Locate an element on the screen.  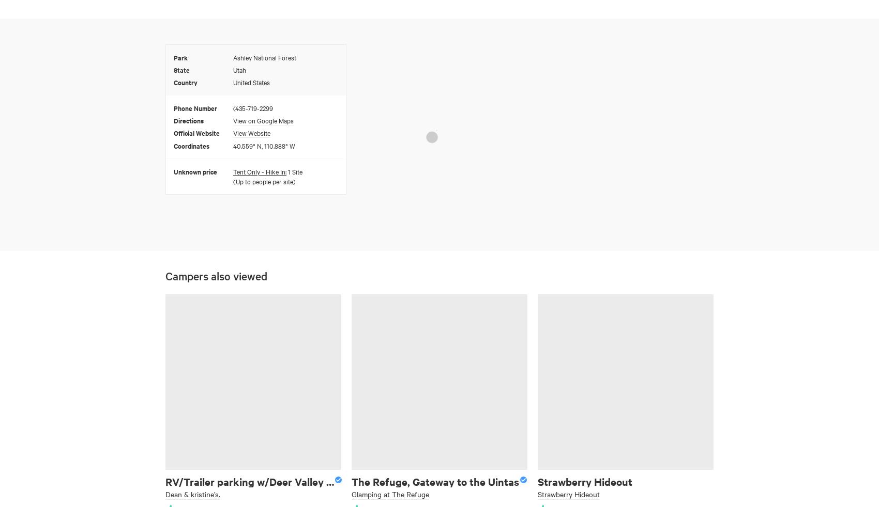
'Coordinates' is located at coordinates (191, 145).